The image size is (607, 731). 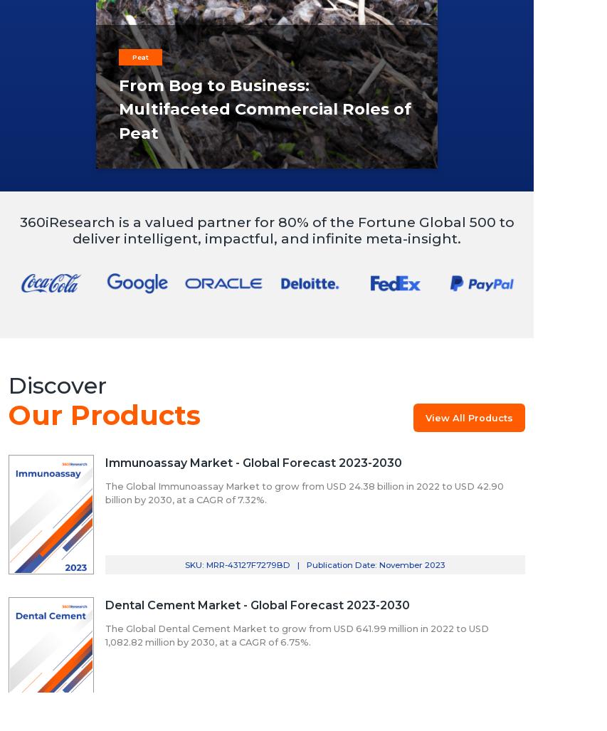 I want to click on 'The Global Dental Cement Market to grow from USD 641.99 million in 2022 to USD 1,082.82 million by 2030, at a CAGR of 6.75%.', so click(x=296, y=634).